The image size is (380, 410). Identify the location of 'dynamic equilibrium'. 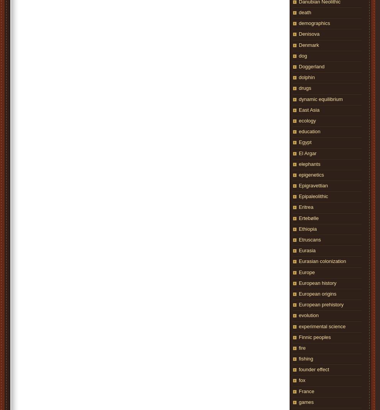
(298, 99).